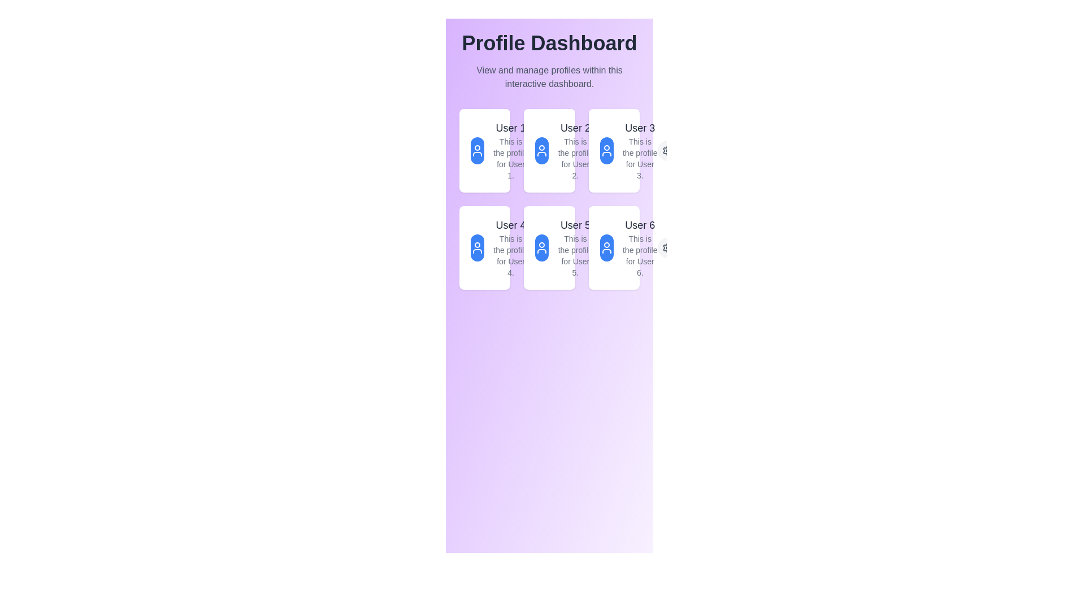 The width and height of the screenshot is (1085, 610). Describe the element at coordinates (510, 150) in the screenshot. I see `the text block titled 'User 1' which includes the description 'This is the profile for User 1.' located in the top left corner of the profile dashboard` at that location.